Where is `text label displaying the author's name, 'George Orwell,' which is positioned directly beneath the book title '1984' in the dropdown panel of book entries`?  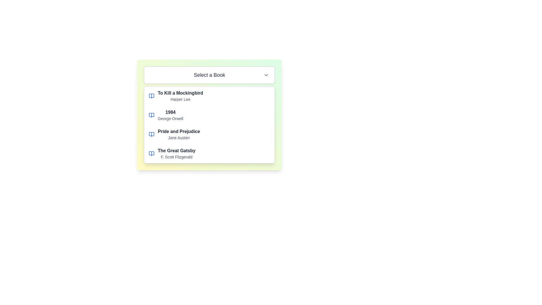 text label displaying the author's name, 'George Orwell,' which is positioned directly beneath the book title '1984' in the dropdown panel of book entries is located at coordinates (170, 118).